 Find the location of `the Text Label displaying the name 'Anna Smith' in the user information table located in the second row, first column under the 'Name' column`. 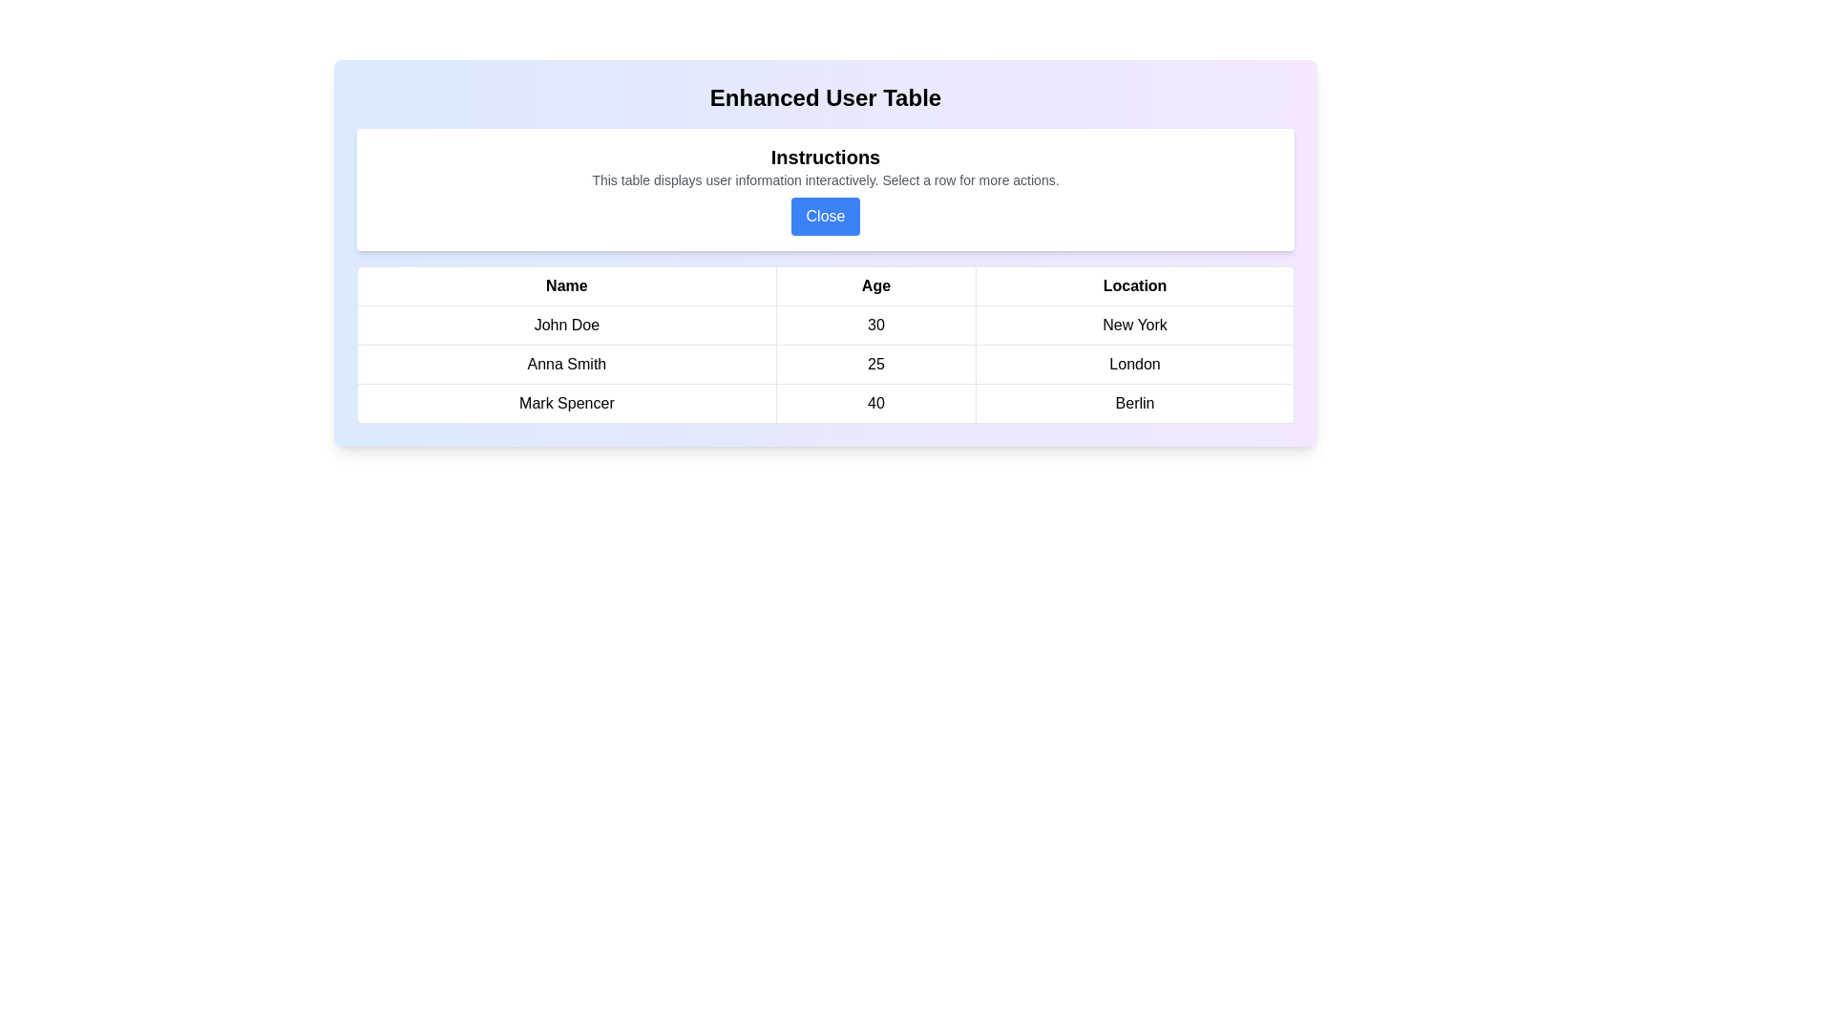

the Text Label displaying the name 'Anna Smith' in the user information table located in the second row, first column under the 'Name' column is located at coordinates (565, 364).